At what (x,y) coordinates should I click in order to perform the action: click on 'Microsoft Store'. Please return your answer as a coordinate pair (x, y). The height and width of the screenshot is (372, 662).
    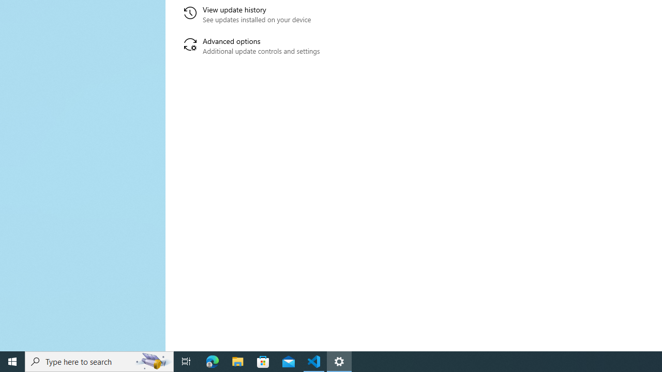
    Looking at the image, I should click on (263, 361).